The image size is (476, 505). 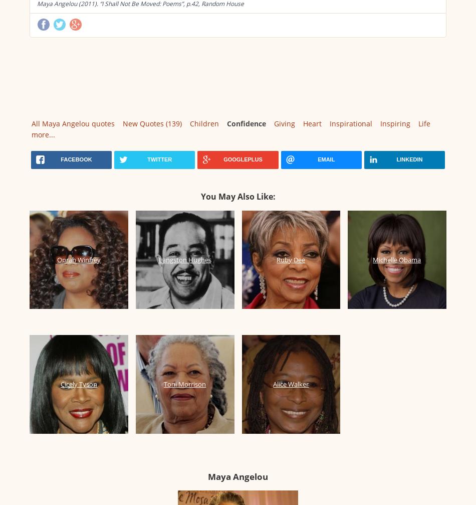 What do you see at coordinates (79, 258) in the screenshot?
I see `'Oprah Winfrey'` at bounding box center [79, 258].